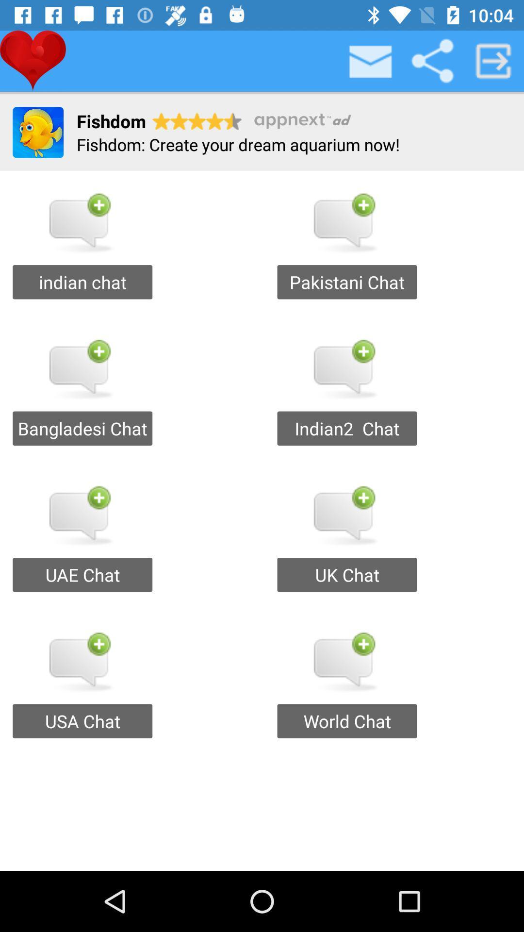 This screenshot has width=524, height=932. I want to click on the email icon, so click(371, 60).